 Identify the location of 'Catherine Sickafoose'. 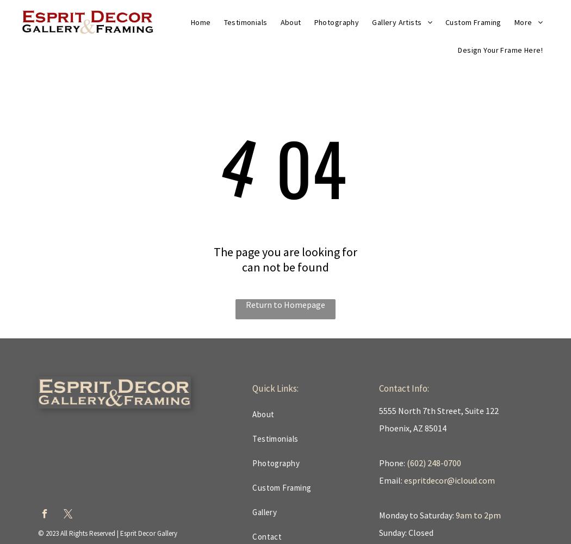
(419, 119).